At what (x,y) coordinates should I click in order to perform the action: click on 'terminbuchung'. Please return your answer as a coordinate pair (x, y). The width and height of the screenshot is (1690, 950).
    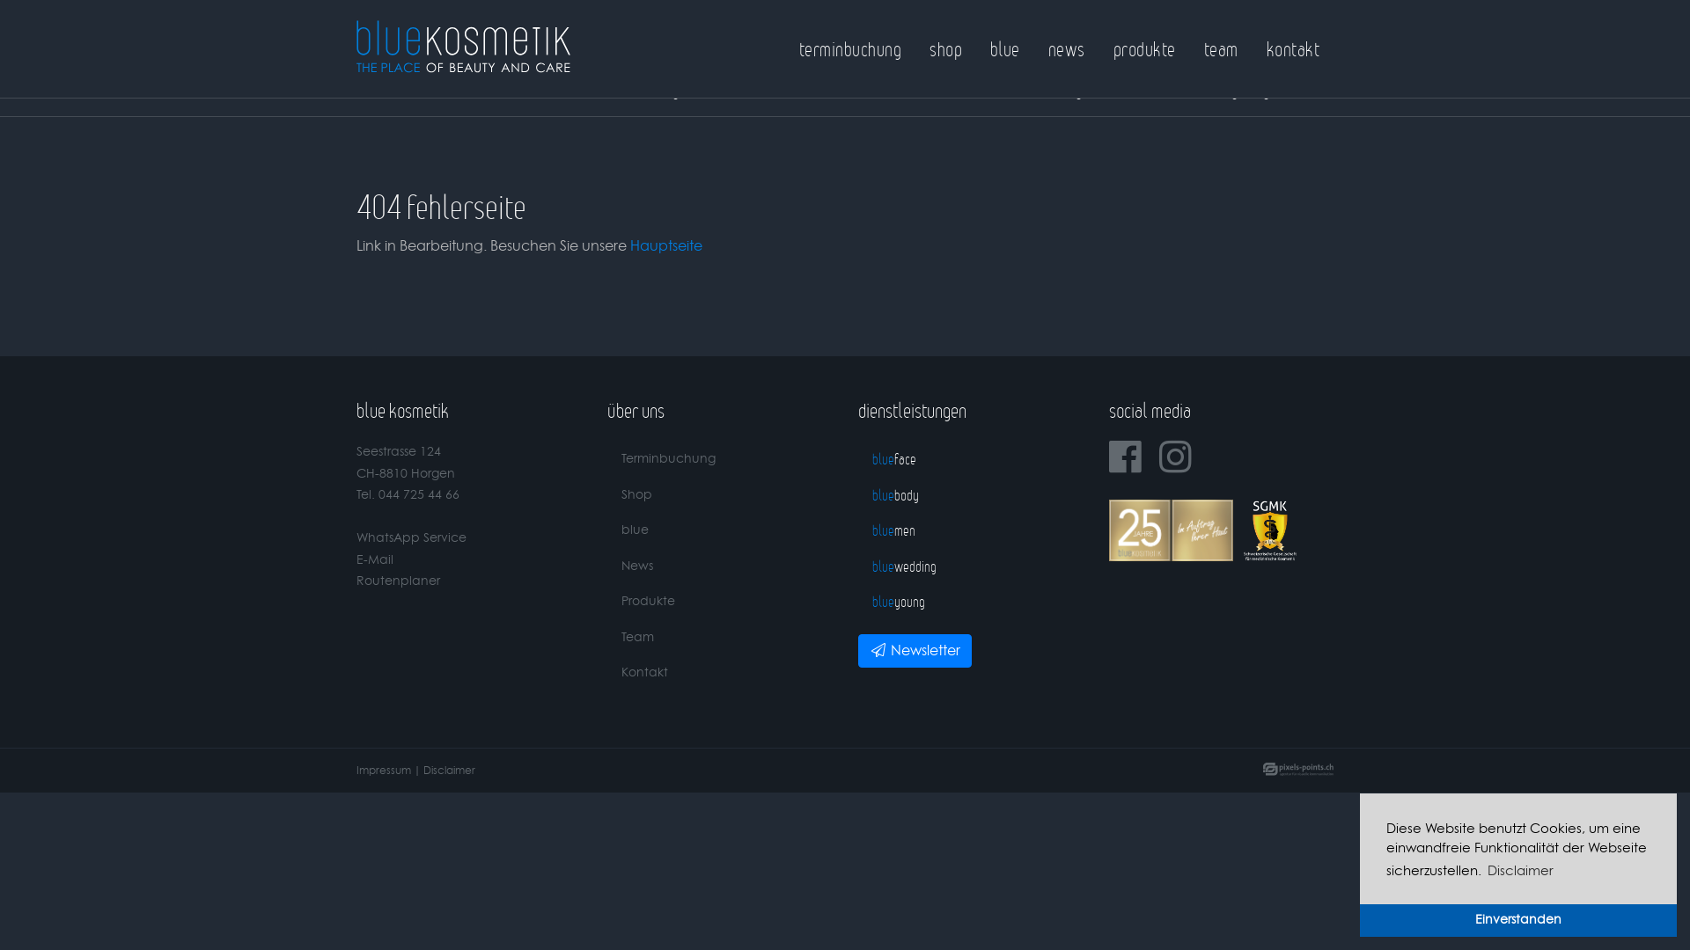
    Looking at the image, I should click on (849, 48).